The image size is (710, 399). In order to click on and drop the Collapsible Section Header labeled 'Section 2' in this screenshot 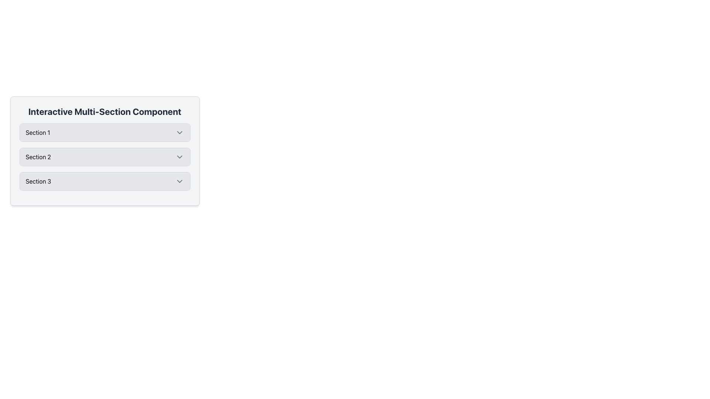, I will do `click(104, 156)`.